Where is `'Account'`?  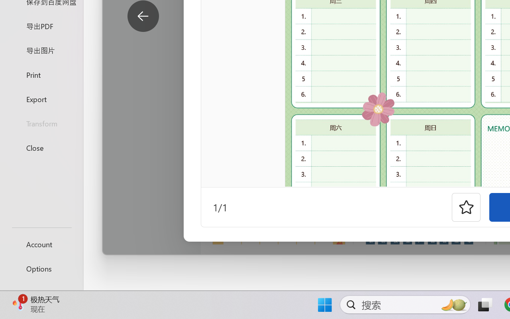
'Account' is located at coordinates (41, 244).